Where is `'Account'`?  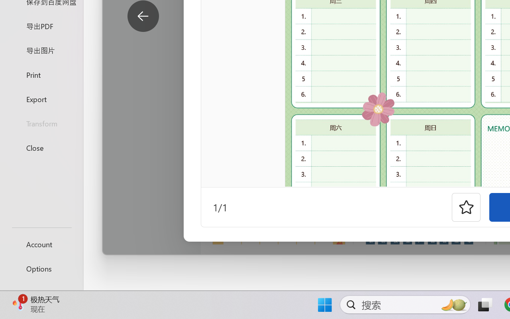
'Account' is located at coordinates (41, 244).